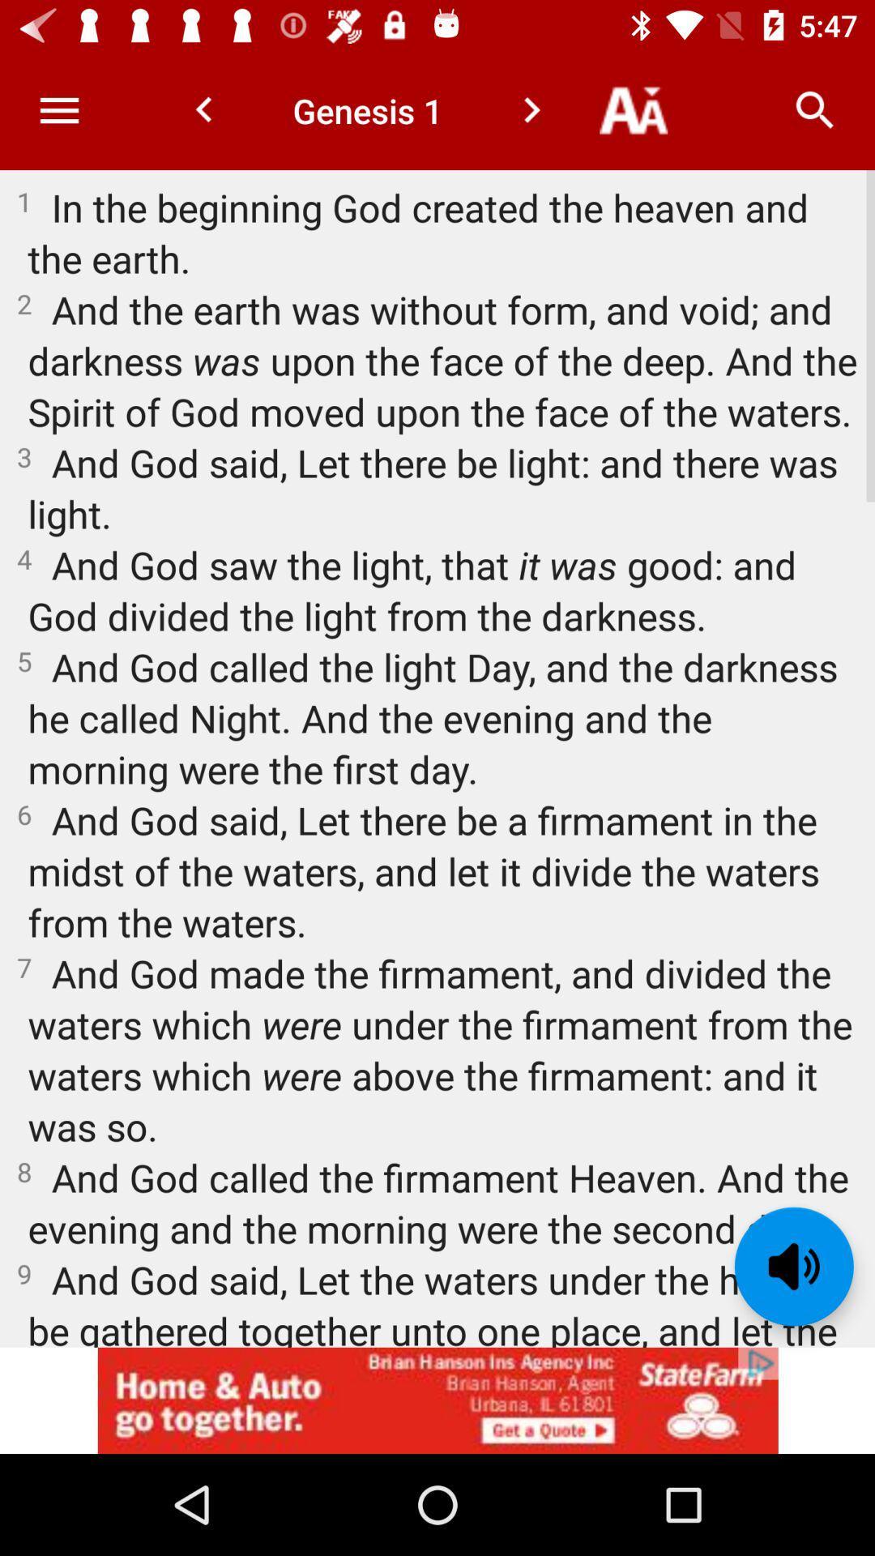 This screenshot has width=875, height=1556. What do you see at coordinates (793, 1266) in the screenshot?
I see `read text aloud` at bounding box center [793, 1266].